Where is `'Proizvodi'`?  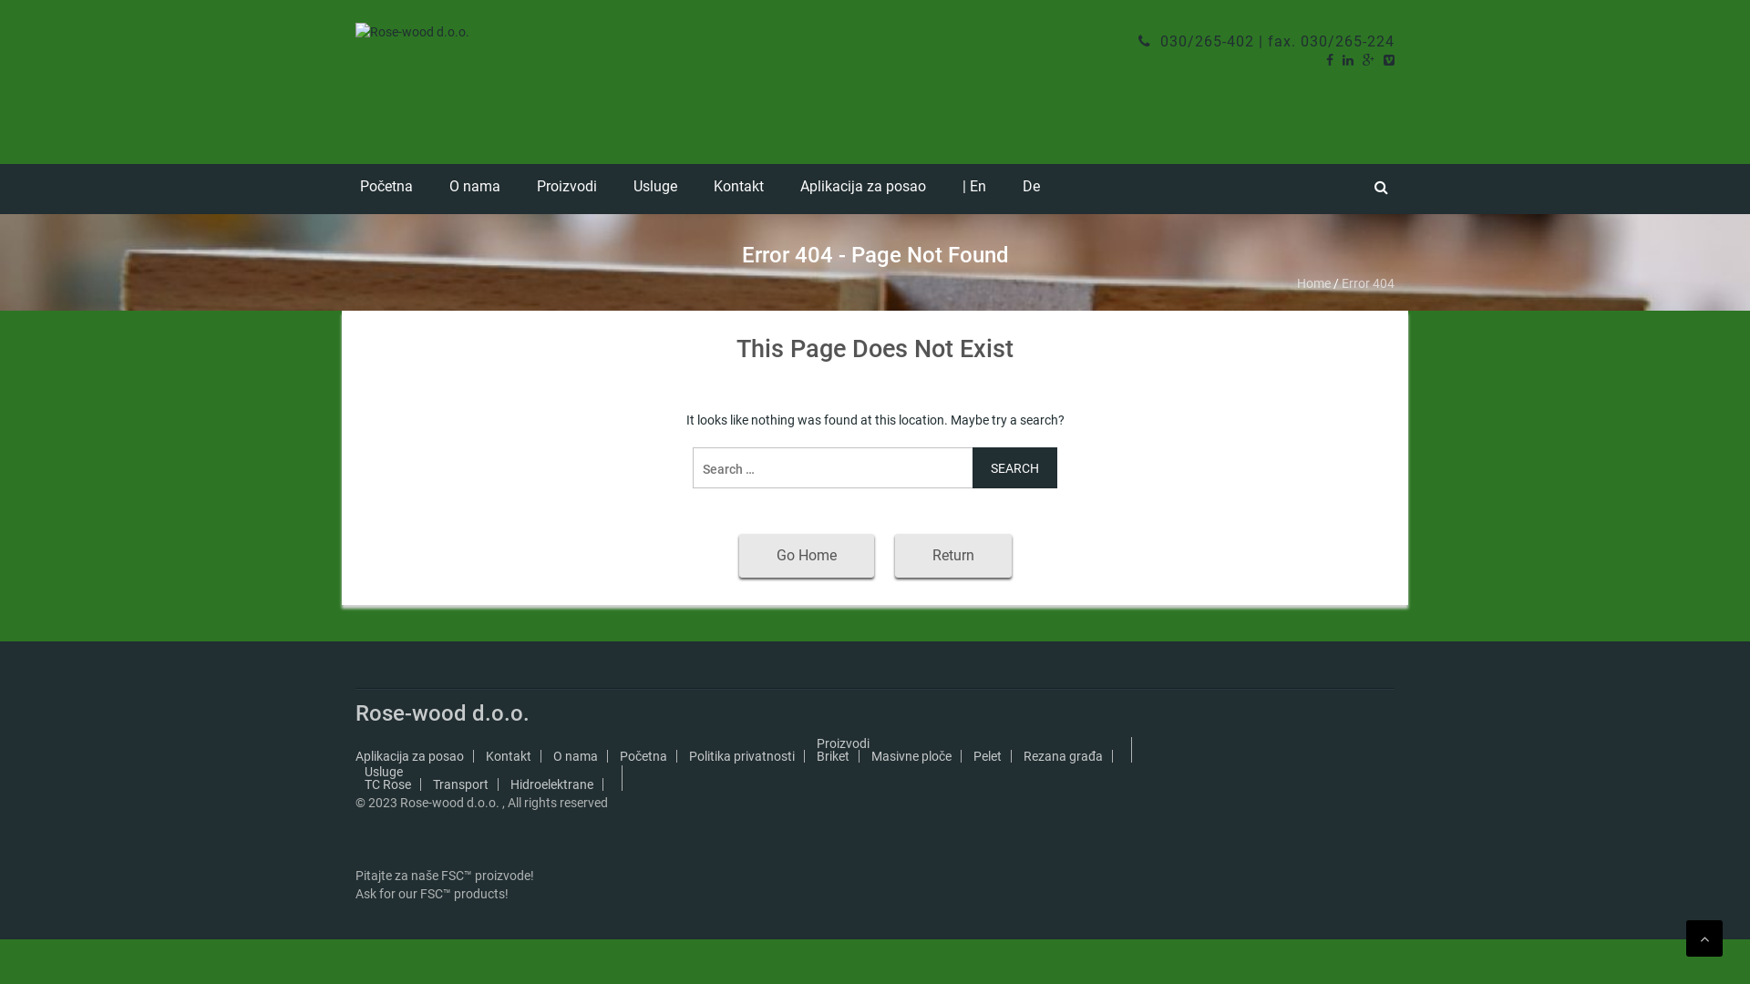 'Proizvodi' is located at coordinates (842, 743).